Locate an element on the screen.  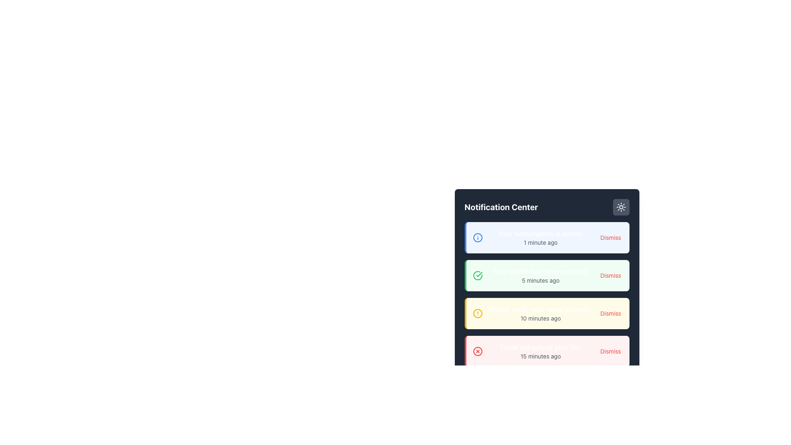
the static text label displaying '5 minutes ago', which is located below the notification text 'Your profile has been updated!' in the notification center is located at coordinates (541, 280).